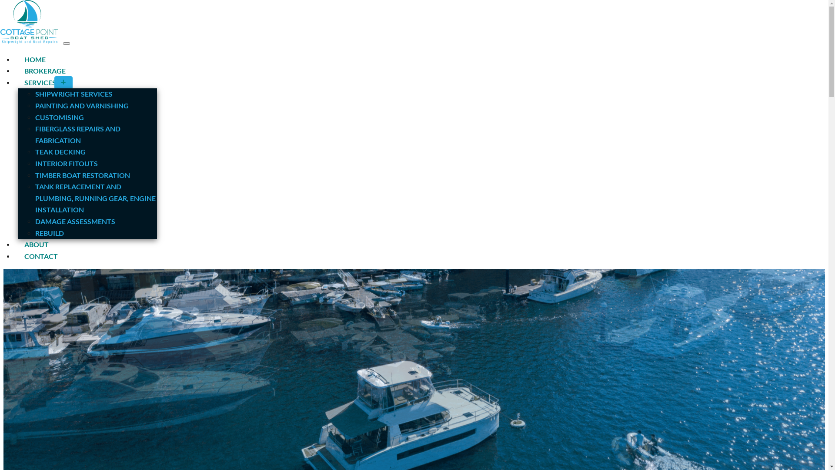 This screenshot has width=835, height=470. Describe the element at coordinates (83, 175) in the screenshot. I see `'TIMBER BOAT RESTORATION'` at that location.